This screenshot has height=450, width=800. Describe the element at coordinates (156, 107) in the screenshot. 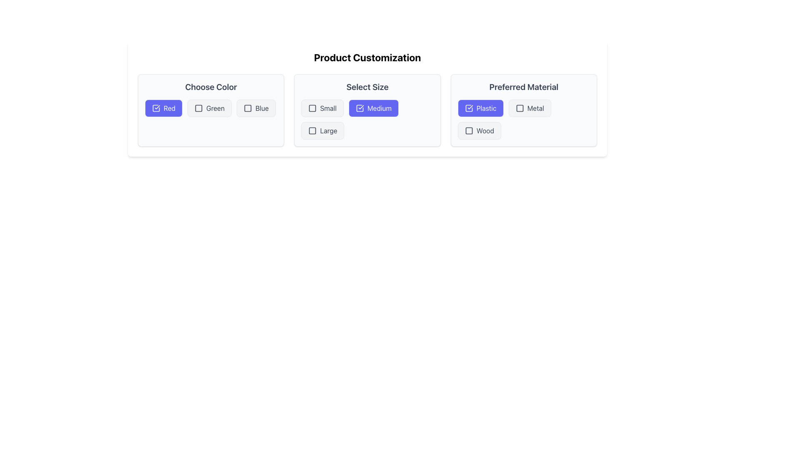

I see `the Checkbox icon that indicates the 'Red' color option is selected` at that location.